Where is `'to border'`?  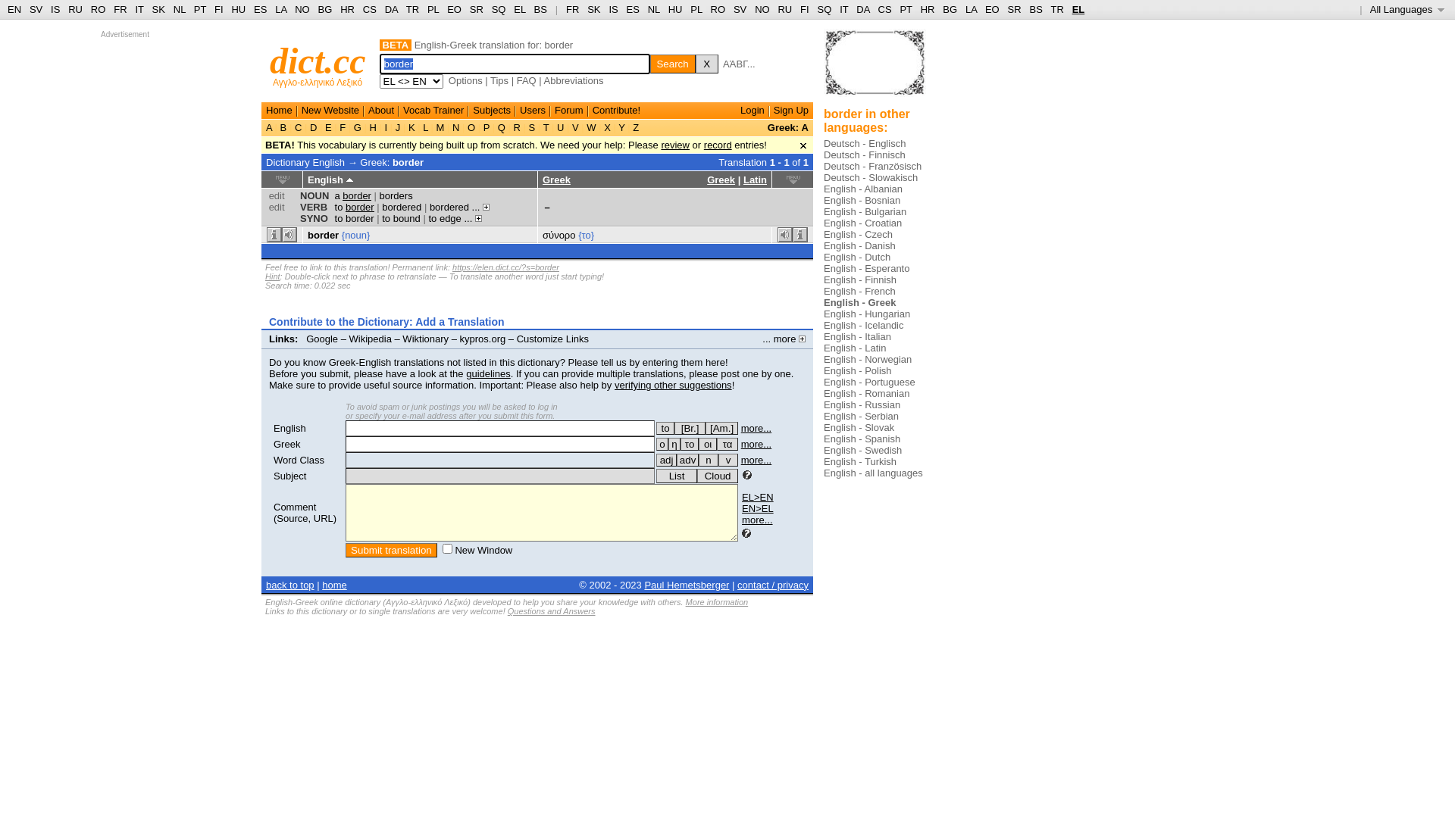
'to border' is located at coordinates (353, 207).